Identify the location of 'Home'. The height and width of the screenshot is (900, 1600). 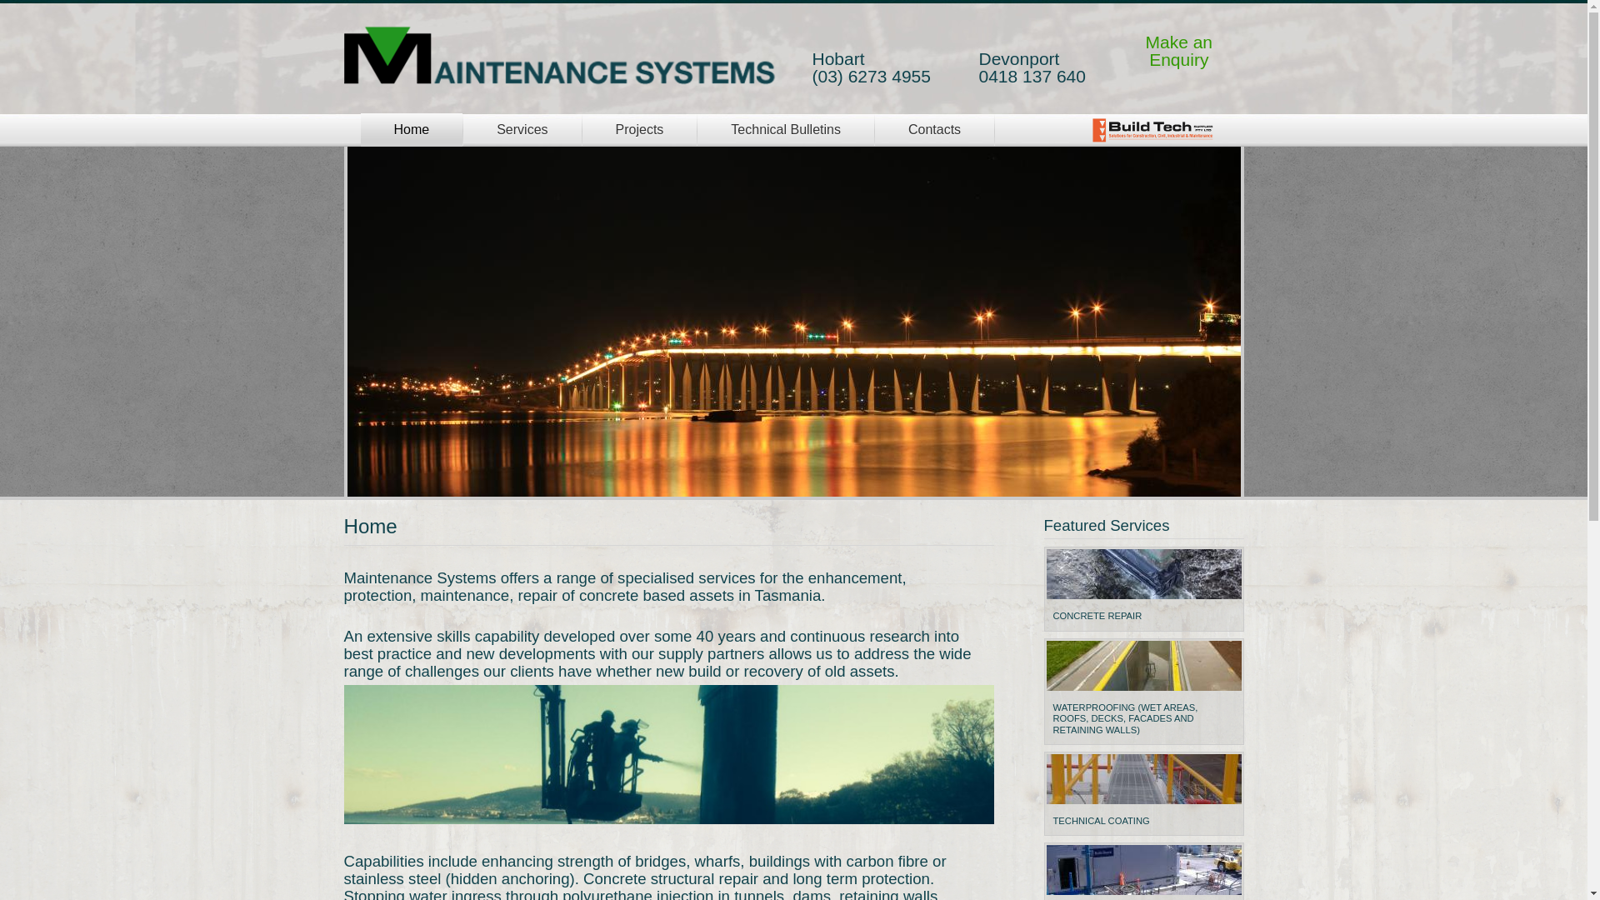
(560, 57).